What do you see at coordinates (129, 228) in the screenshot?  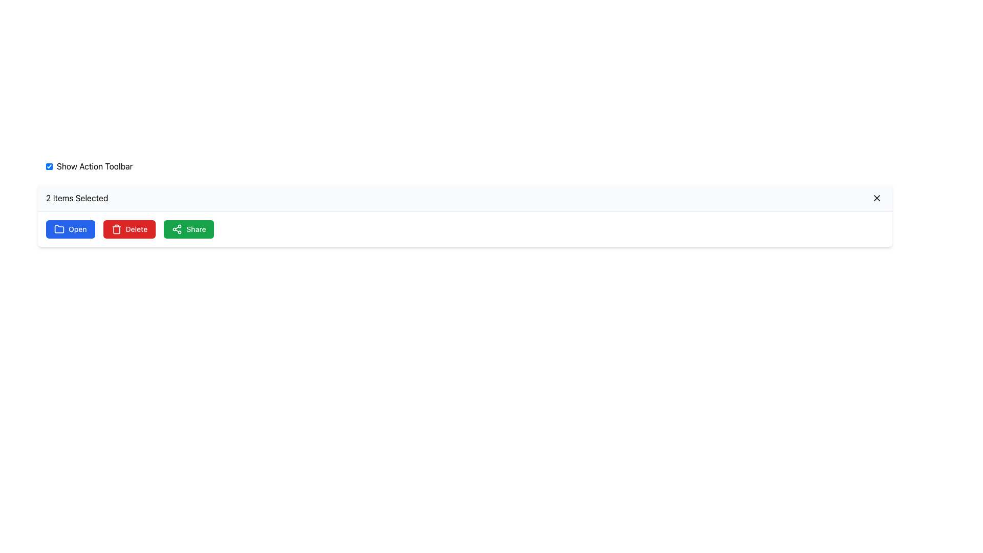 I see `the 'Delete' button, which is a rectangular button with a red background, white text, and a trash can icon, located between the 'Open' and 'Share' buttons` at bounding box center [129, 228].